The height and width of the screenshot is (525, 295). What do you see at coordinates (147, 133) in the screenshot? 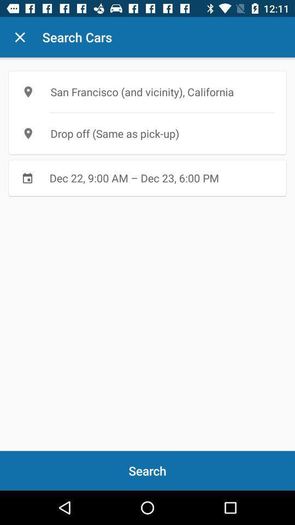
I see `item below the san francisco and icon` at bounding box center [147, 133].